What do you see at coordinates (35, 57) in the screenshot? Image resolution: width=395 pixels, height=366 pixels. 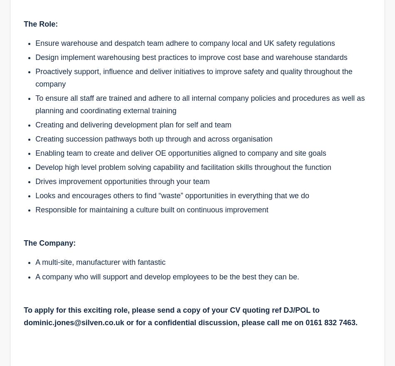 I see `'Design implement warehousing best practices to improve cost base and warehouse standards'` at bounding box center [35, 57].